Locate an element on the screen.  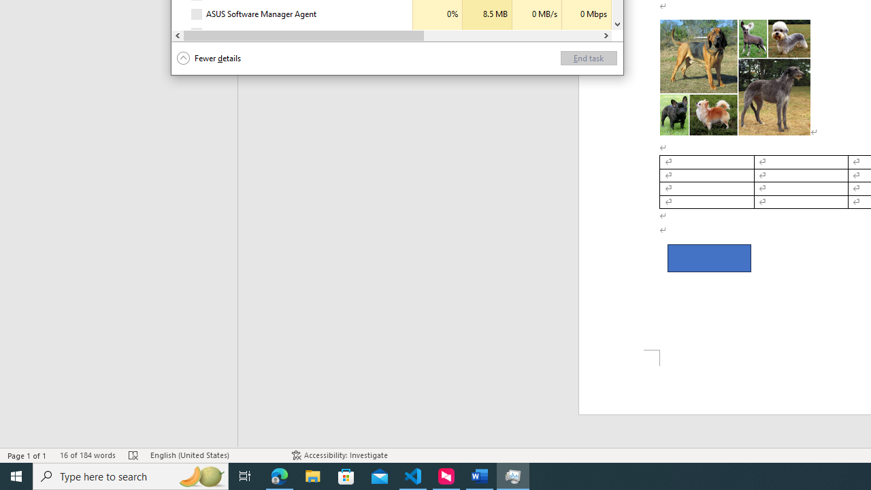
'Word - 1 running window' is located at coordinates (480, 475).